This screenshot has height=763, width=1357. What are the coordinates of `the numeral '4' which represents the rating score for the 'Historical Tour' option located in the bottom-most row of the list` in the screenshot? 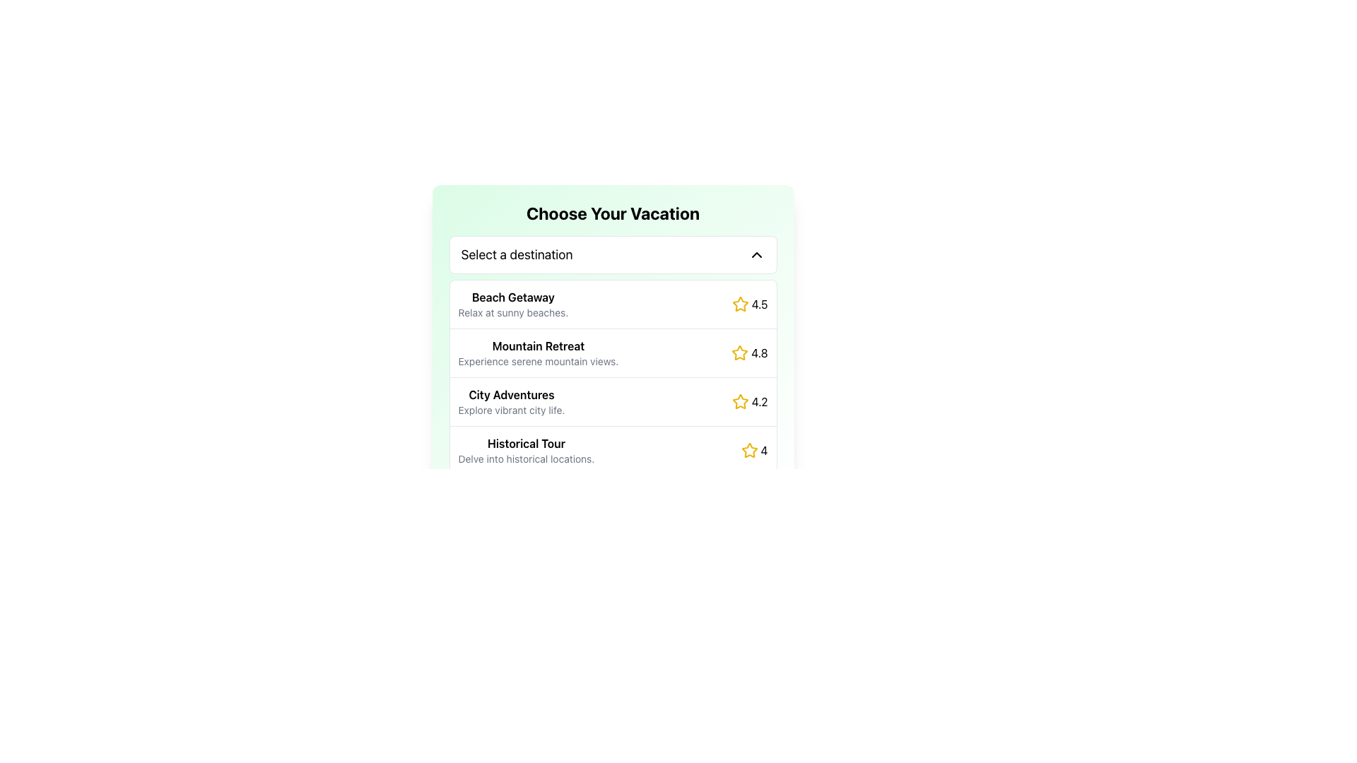 It's located at (763, 450).